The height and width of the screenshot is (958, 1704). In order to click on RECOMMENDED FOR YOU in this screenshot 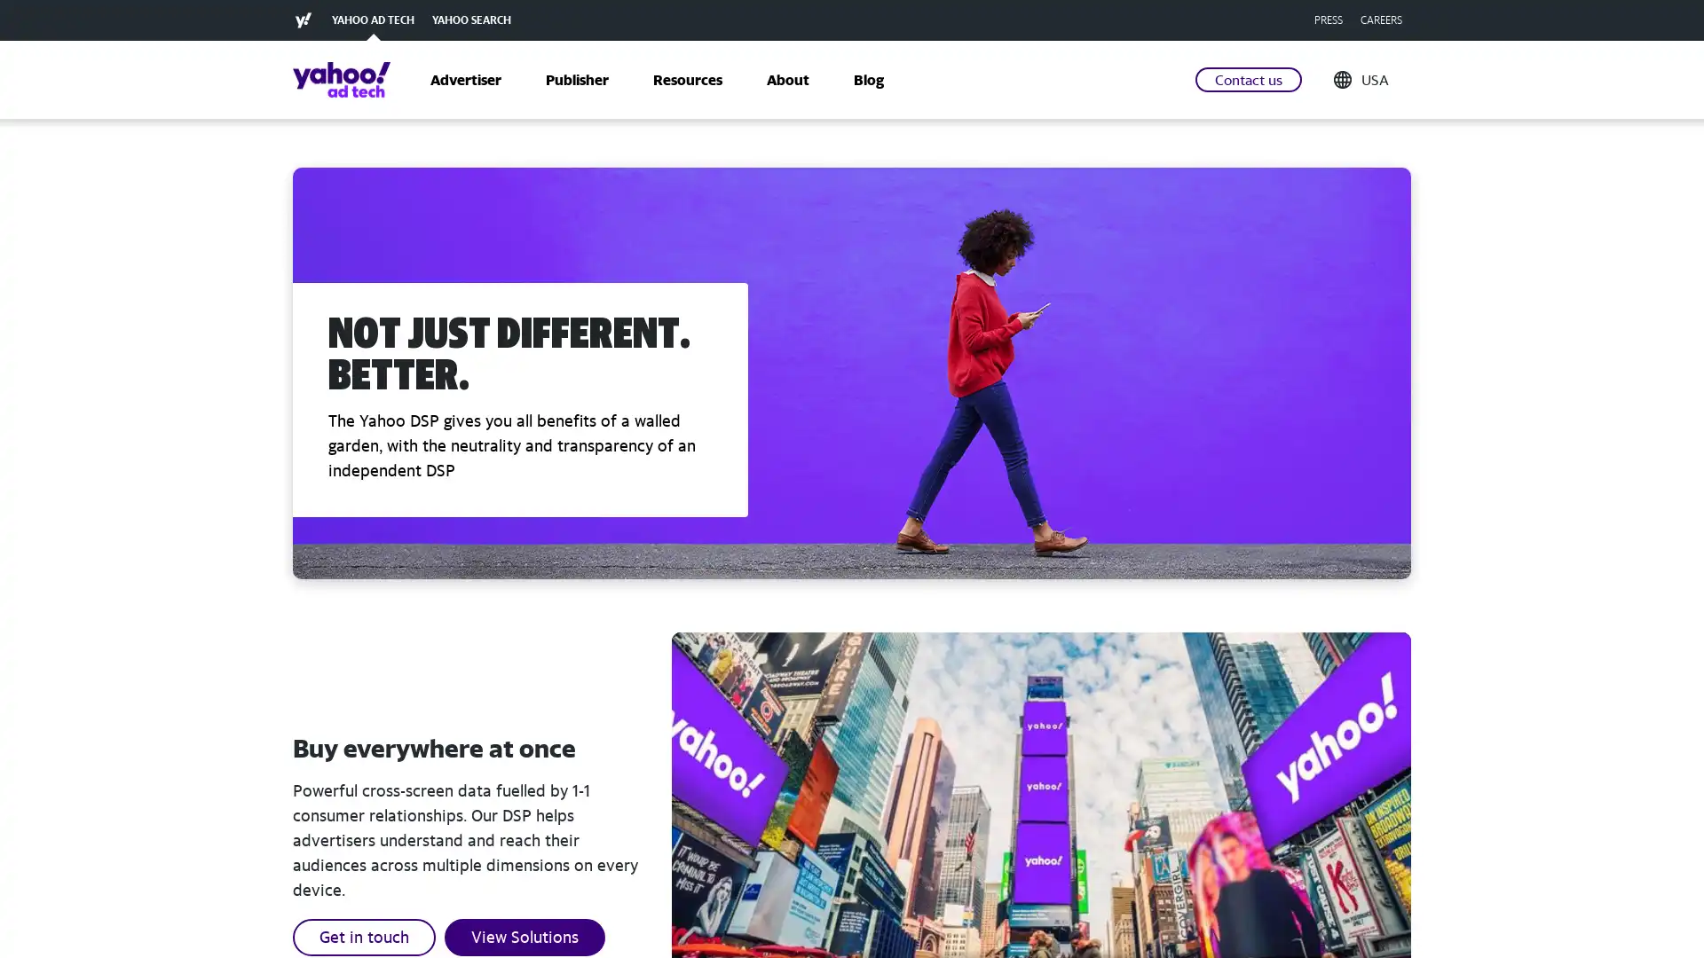, I will do `click(1340, 701)`.